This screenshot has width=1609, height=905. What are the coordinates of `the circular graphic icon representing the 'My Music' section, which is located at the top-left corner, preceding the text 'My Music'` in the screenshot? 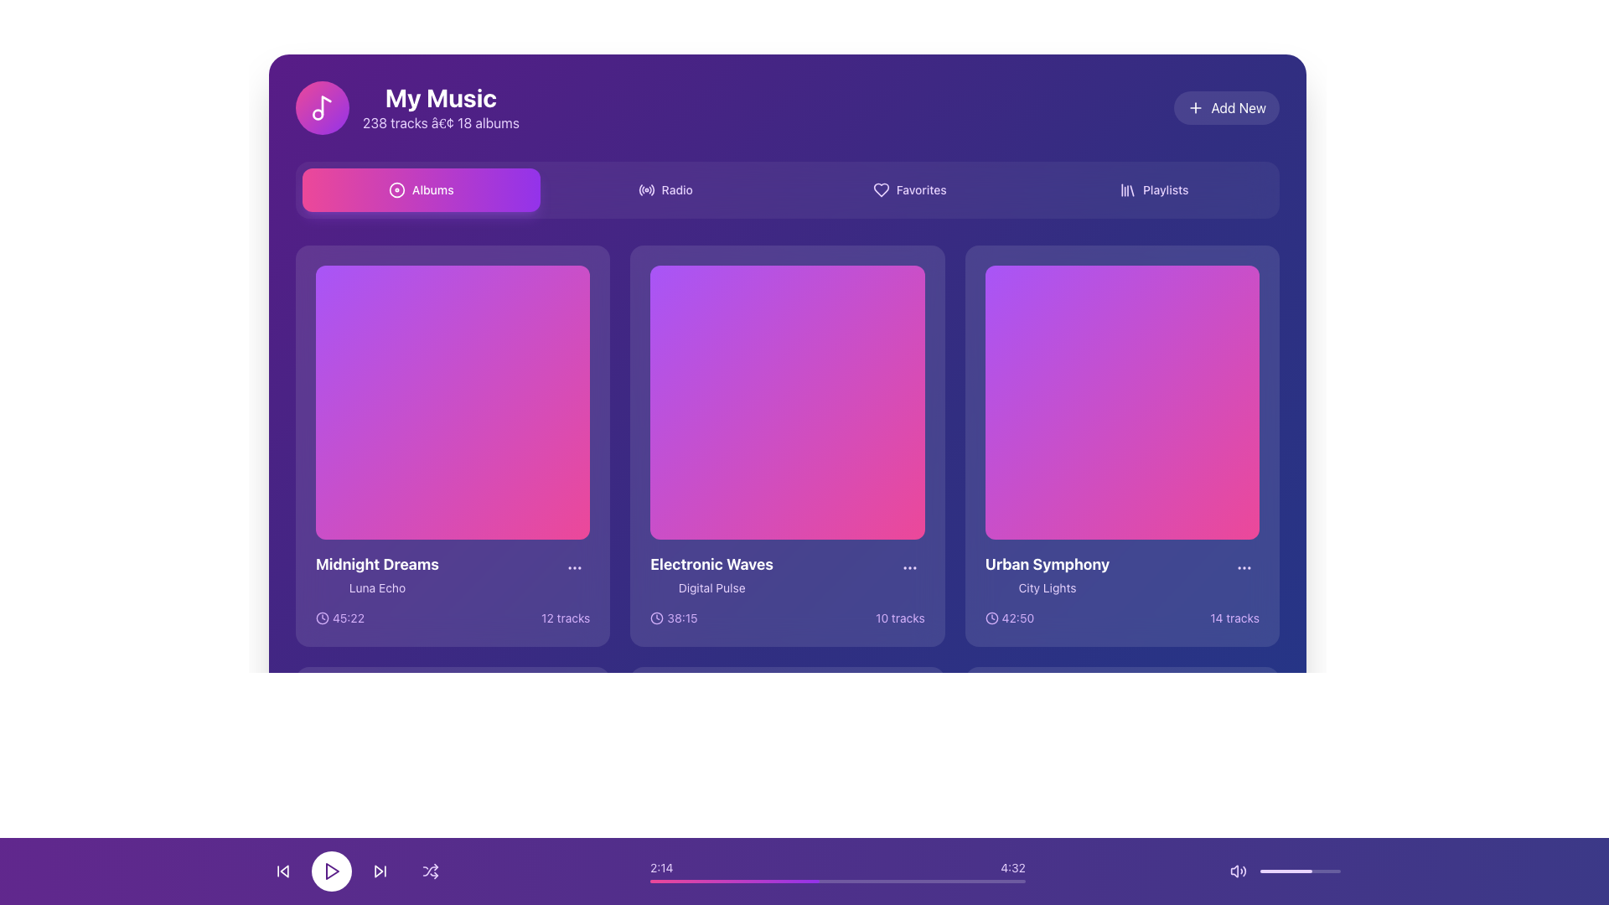 It's located at (322, 107).